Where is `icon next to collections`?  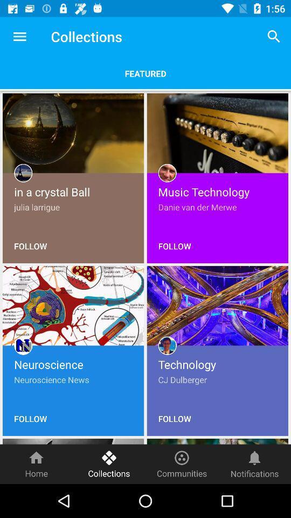 icon next to collections is located at coordinates (19, 37).